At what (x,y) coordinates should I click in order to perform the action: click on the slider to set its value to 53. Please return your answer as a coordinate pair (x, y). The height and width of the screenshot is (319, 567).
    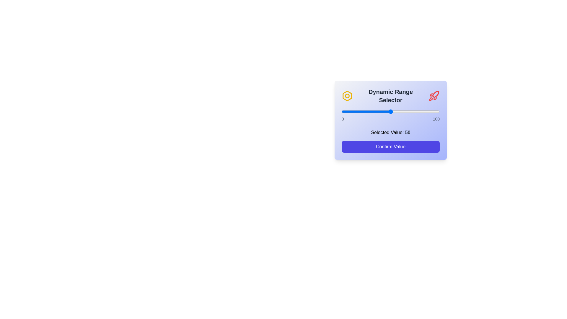
    Looking at the image, I should click on (394, 112).